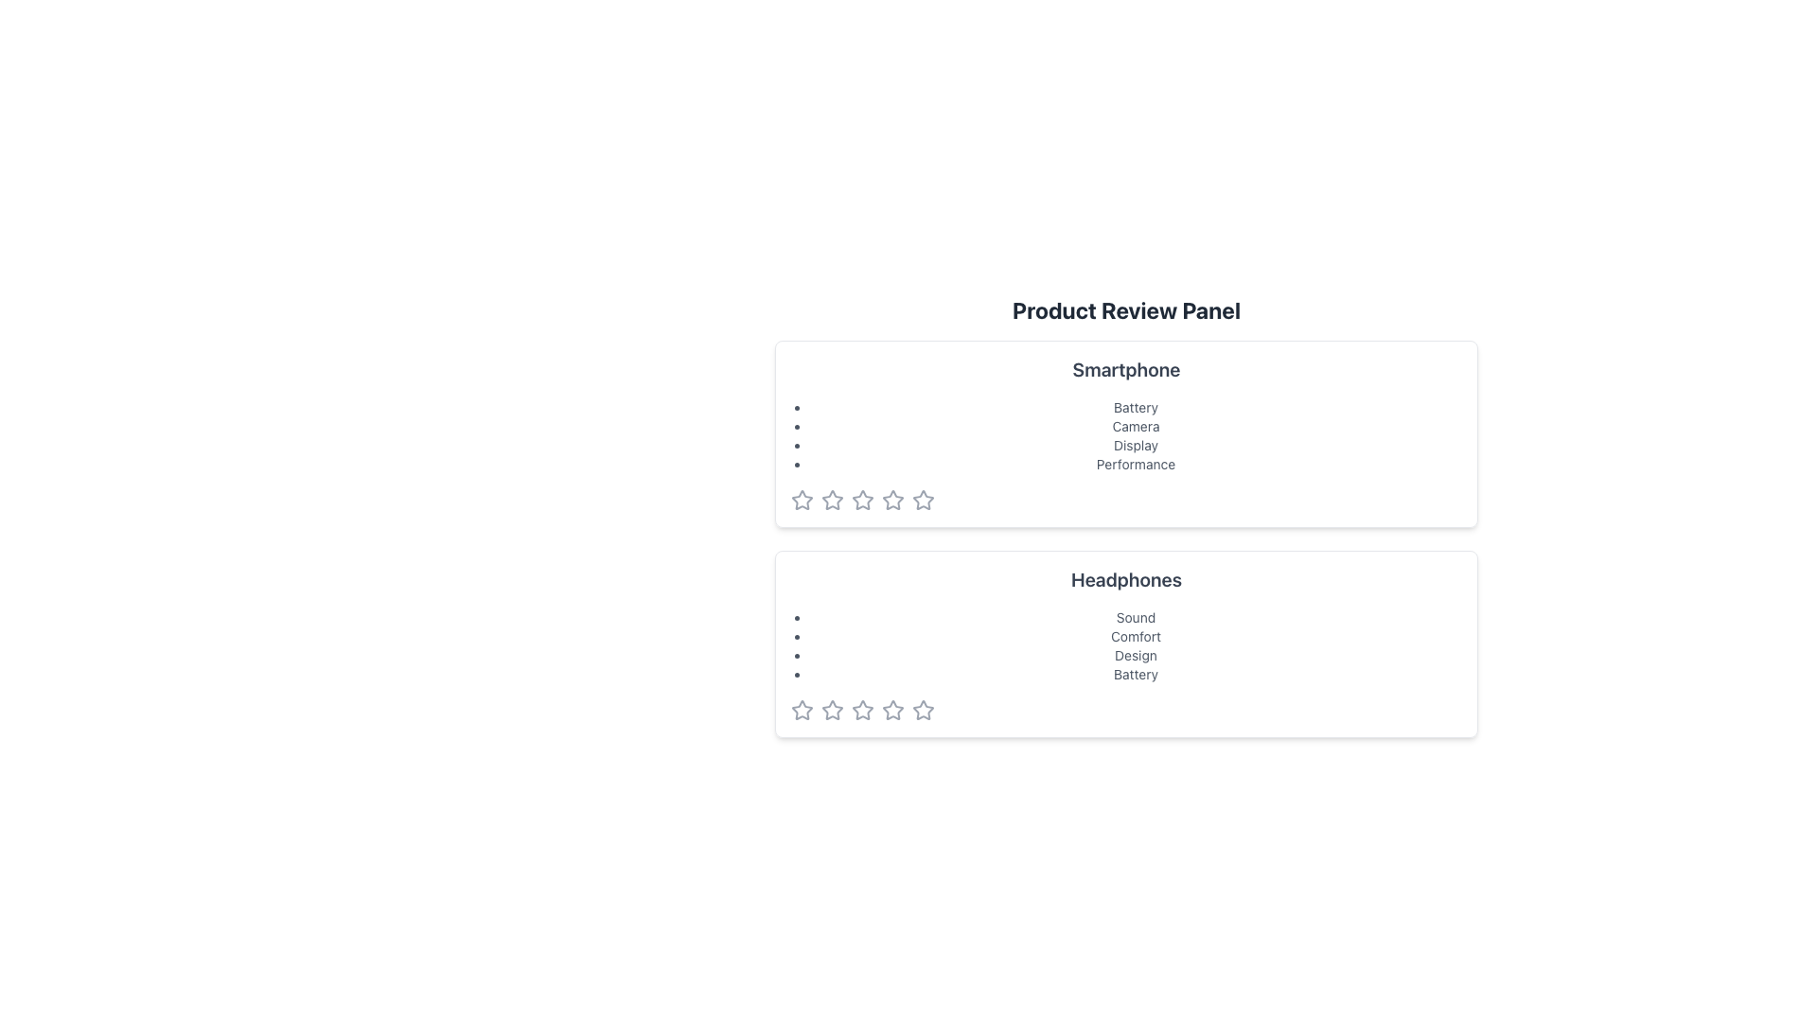 This screenshot has height=1022, width=1817. What do you see at coordinates (1126, 499) in the screenshot?
I see `the Rating widget containing six star icons, which are gray outlined stars for rating, located below the list items in the Smartphone section of the product review panel` at bounding box center [1126, 499].